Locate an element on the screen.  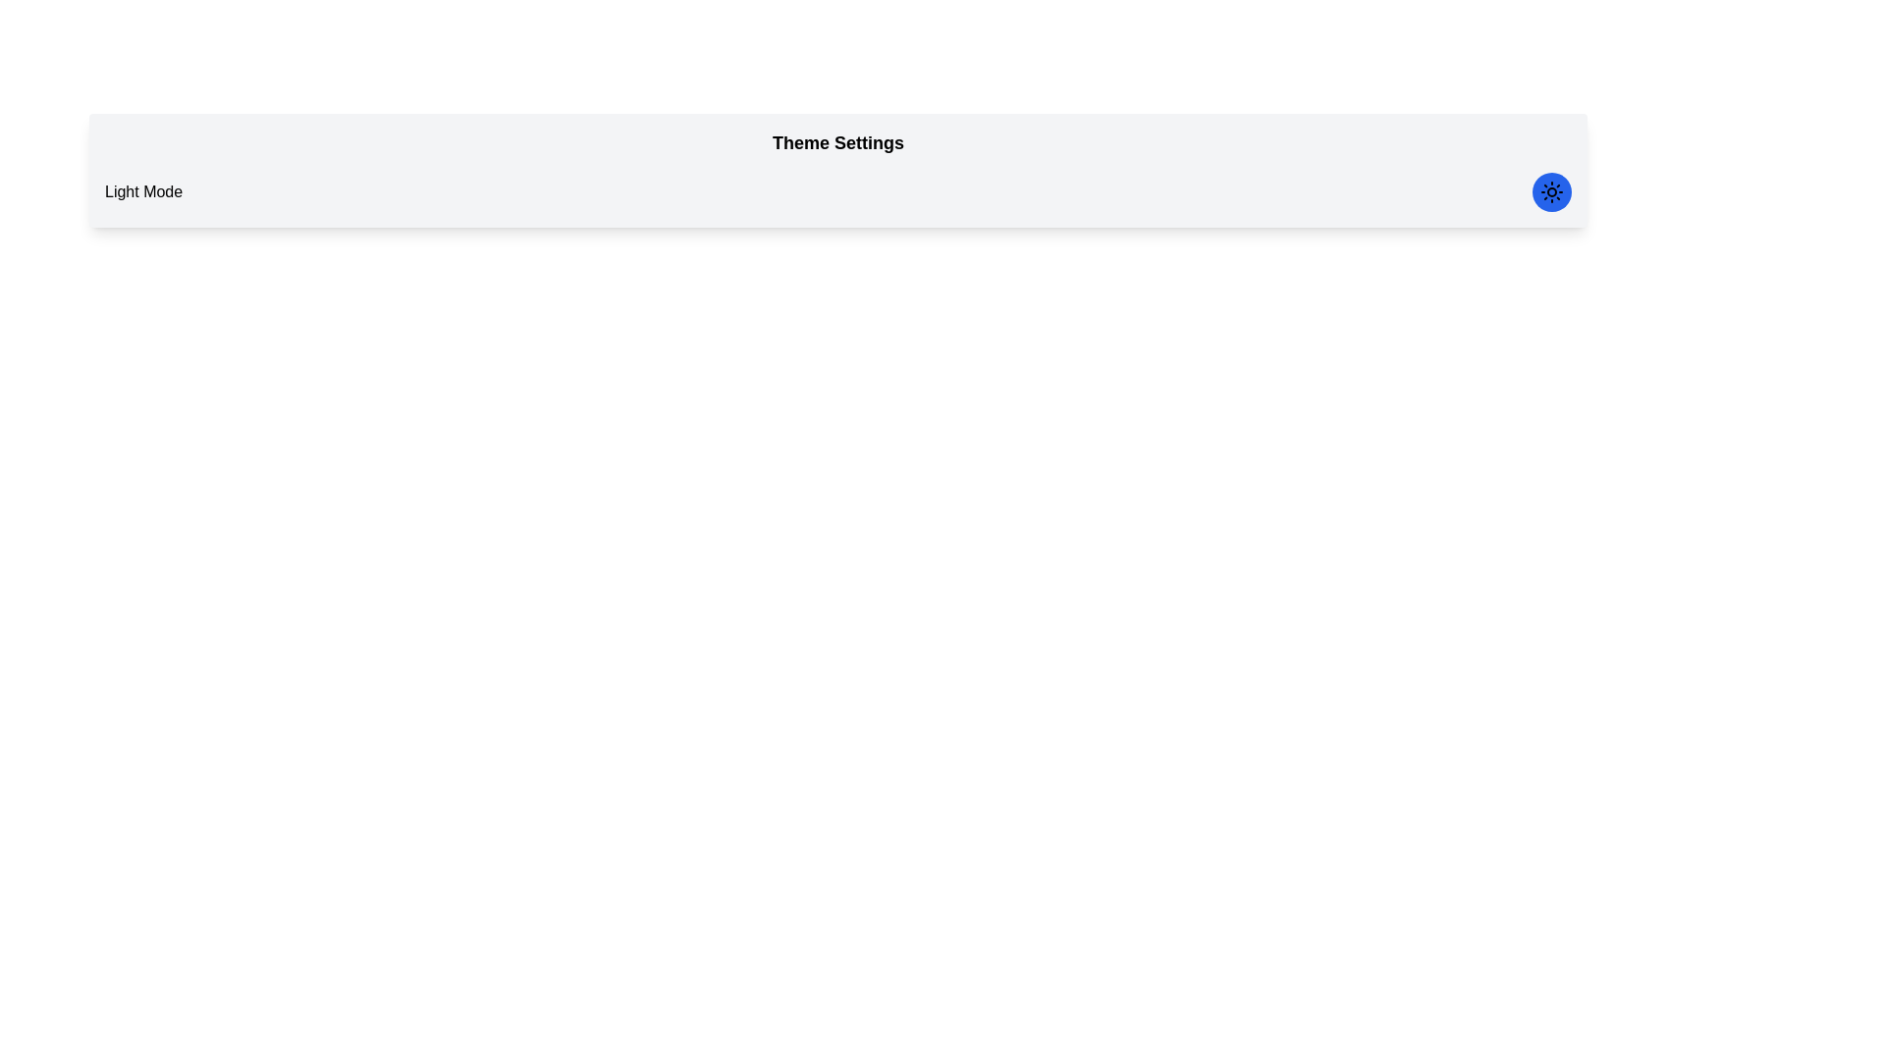
the sun icon within the blue circular button located in the top-right region of the interface is located at coordinates (1550, 192).